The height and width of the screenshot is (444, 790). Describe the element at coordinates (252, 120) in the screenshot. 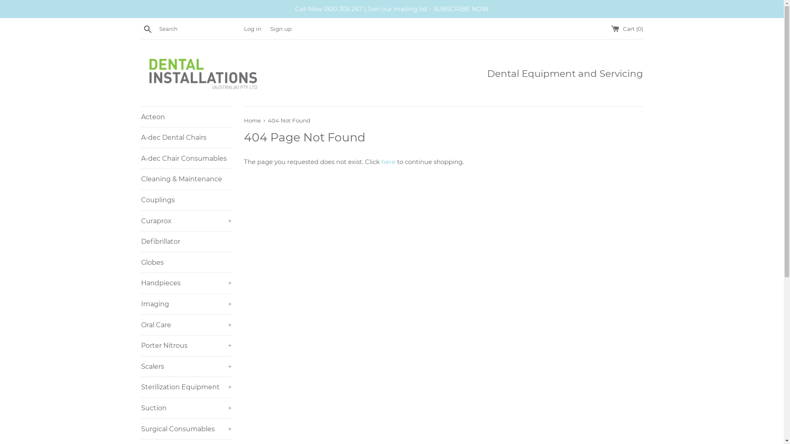

I see `'Home'` at that location.